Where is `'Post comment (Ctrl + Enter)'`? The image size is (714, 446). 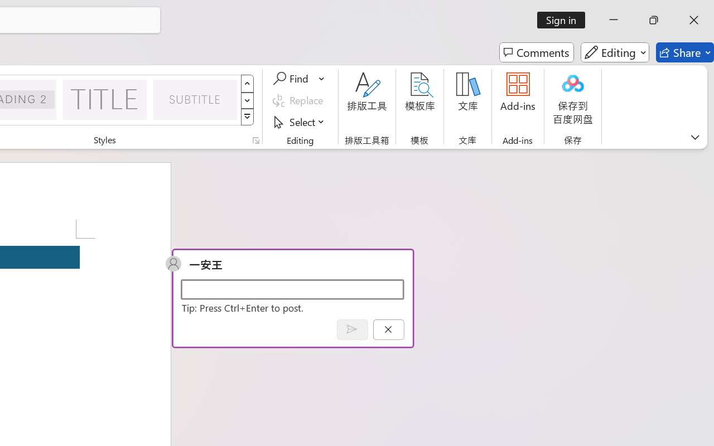 'Post comment (Ctrl + Enter)' is located at coordinates (351, 329).